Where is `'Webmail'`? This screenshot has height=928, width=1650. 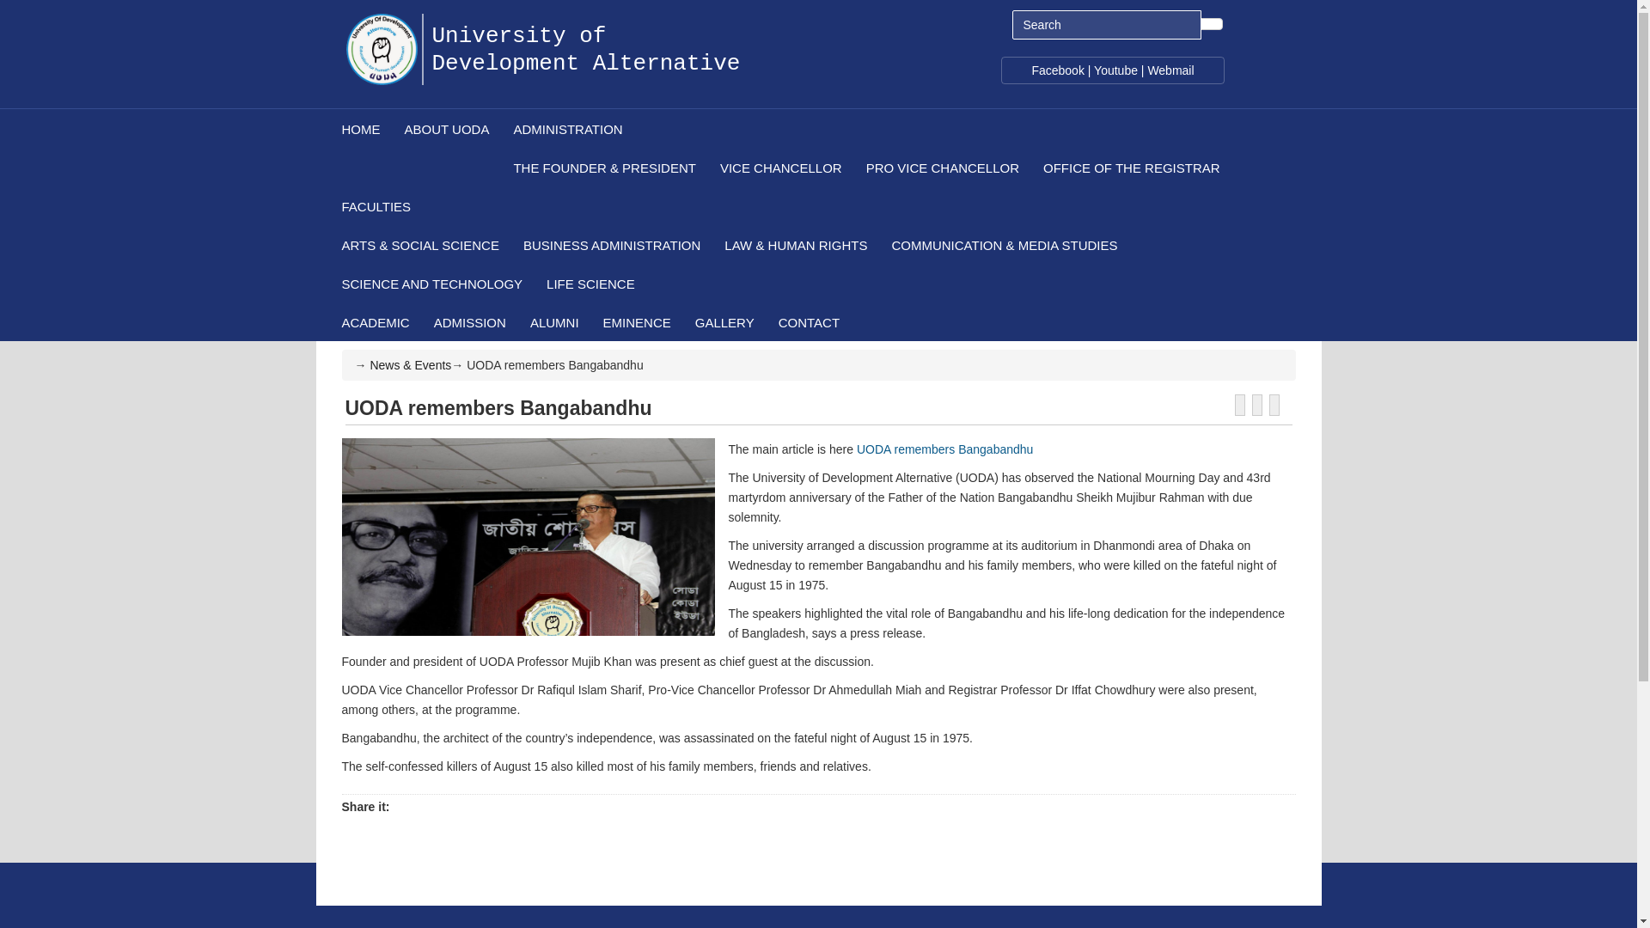
'Webmail' is located at coordinates (1170, 69).